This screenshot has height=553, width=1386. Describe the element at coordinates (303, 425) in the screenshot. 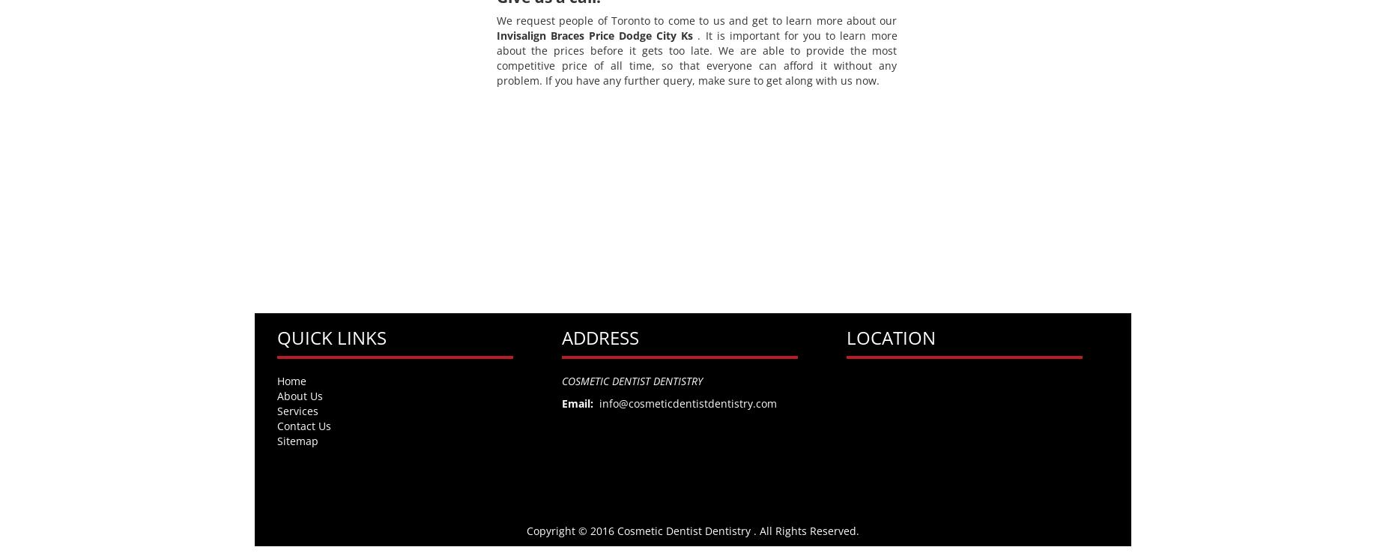

I see `'Contact Us'` at that location.